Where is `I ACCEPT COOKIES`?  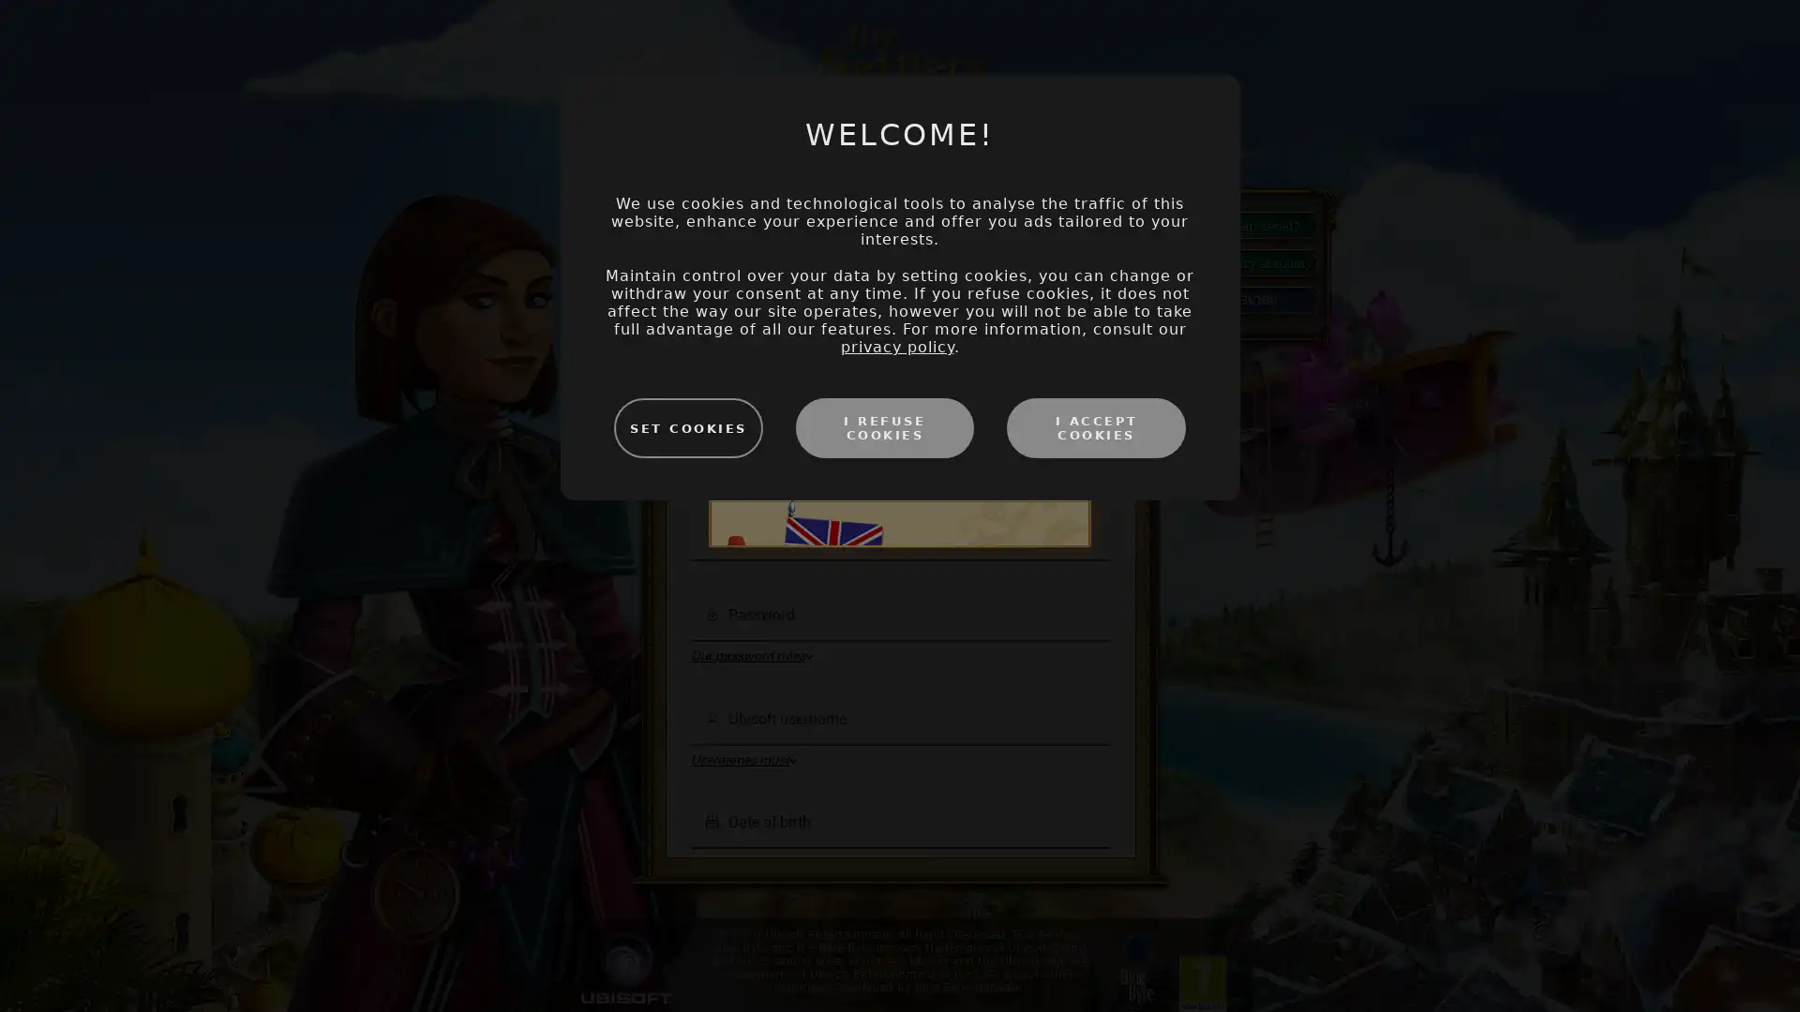 I ACCEPT COOKIES is located at coordinates (1096, 427).